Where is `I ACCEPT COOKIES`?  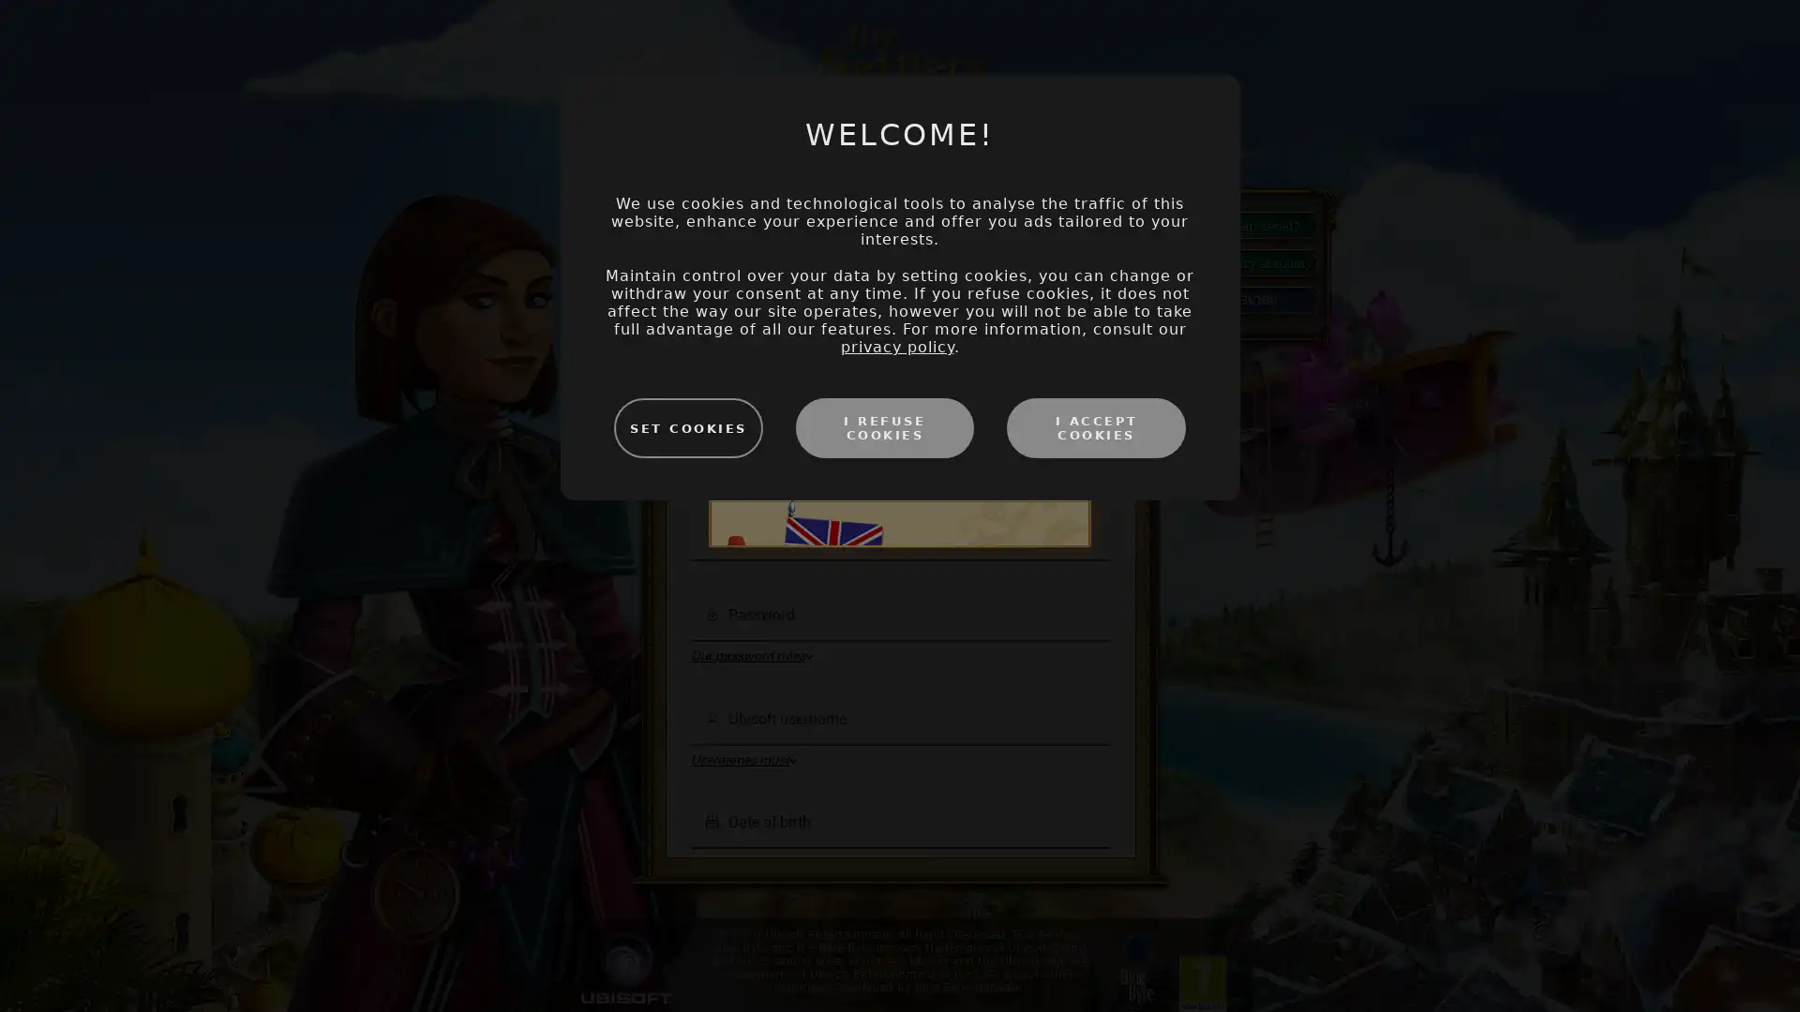 I ACCEPT COOKIES is located at coordinates (1096, 427).